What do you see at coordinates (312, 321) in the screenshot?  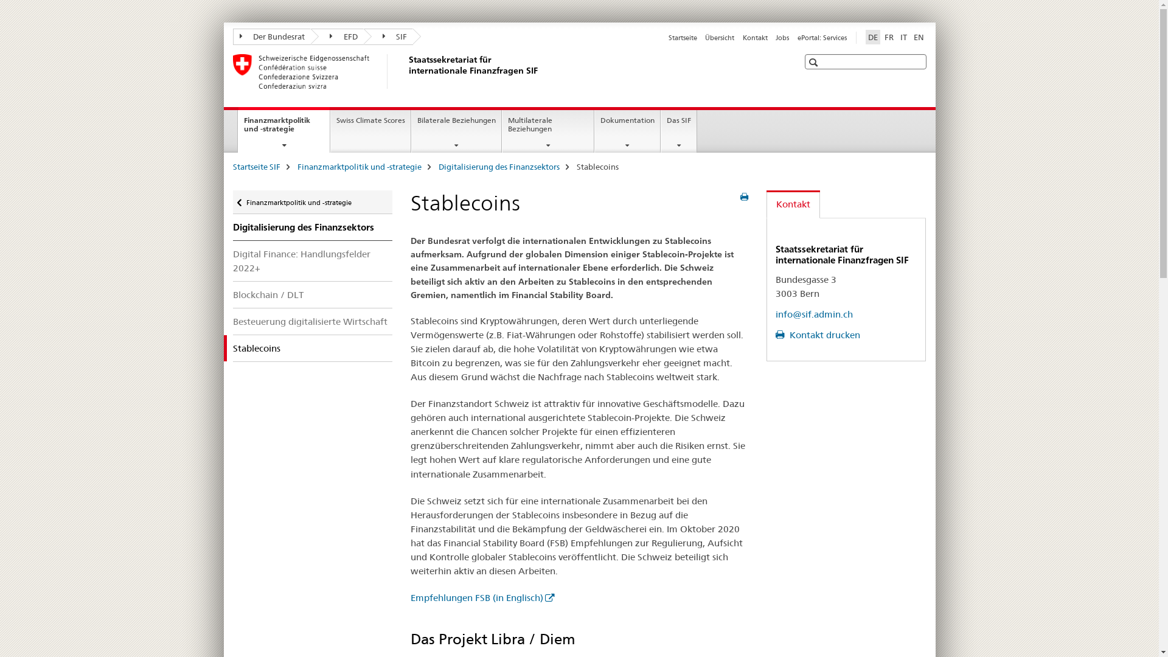 I see `'Besteuerung digitalisierte Wirtschaft'` at bounding box center [312, 321].